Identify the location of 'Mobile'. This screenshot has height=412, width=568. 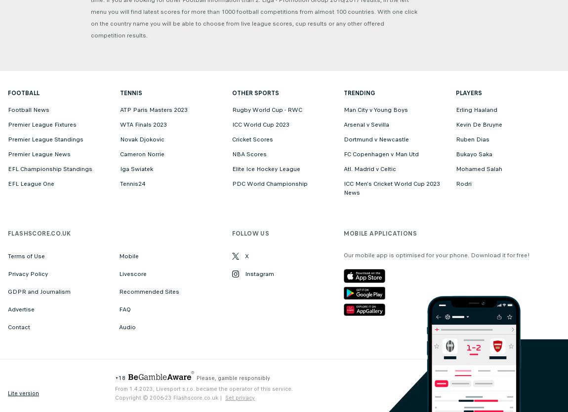
(119, 256).